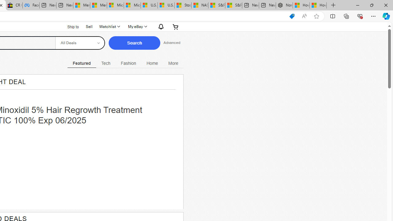 Image resolution: width=393 pixels, height=221 pixels. Describe the element at coordinates (292, 16) in the screenshot. I see `'This site has coupons! Shopping in Microsoft Edge'` at that location.